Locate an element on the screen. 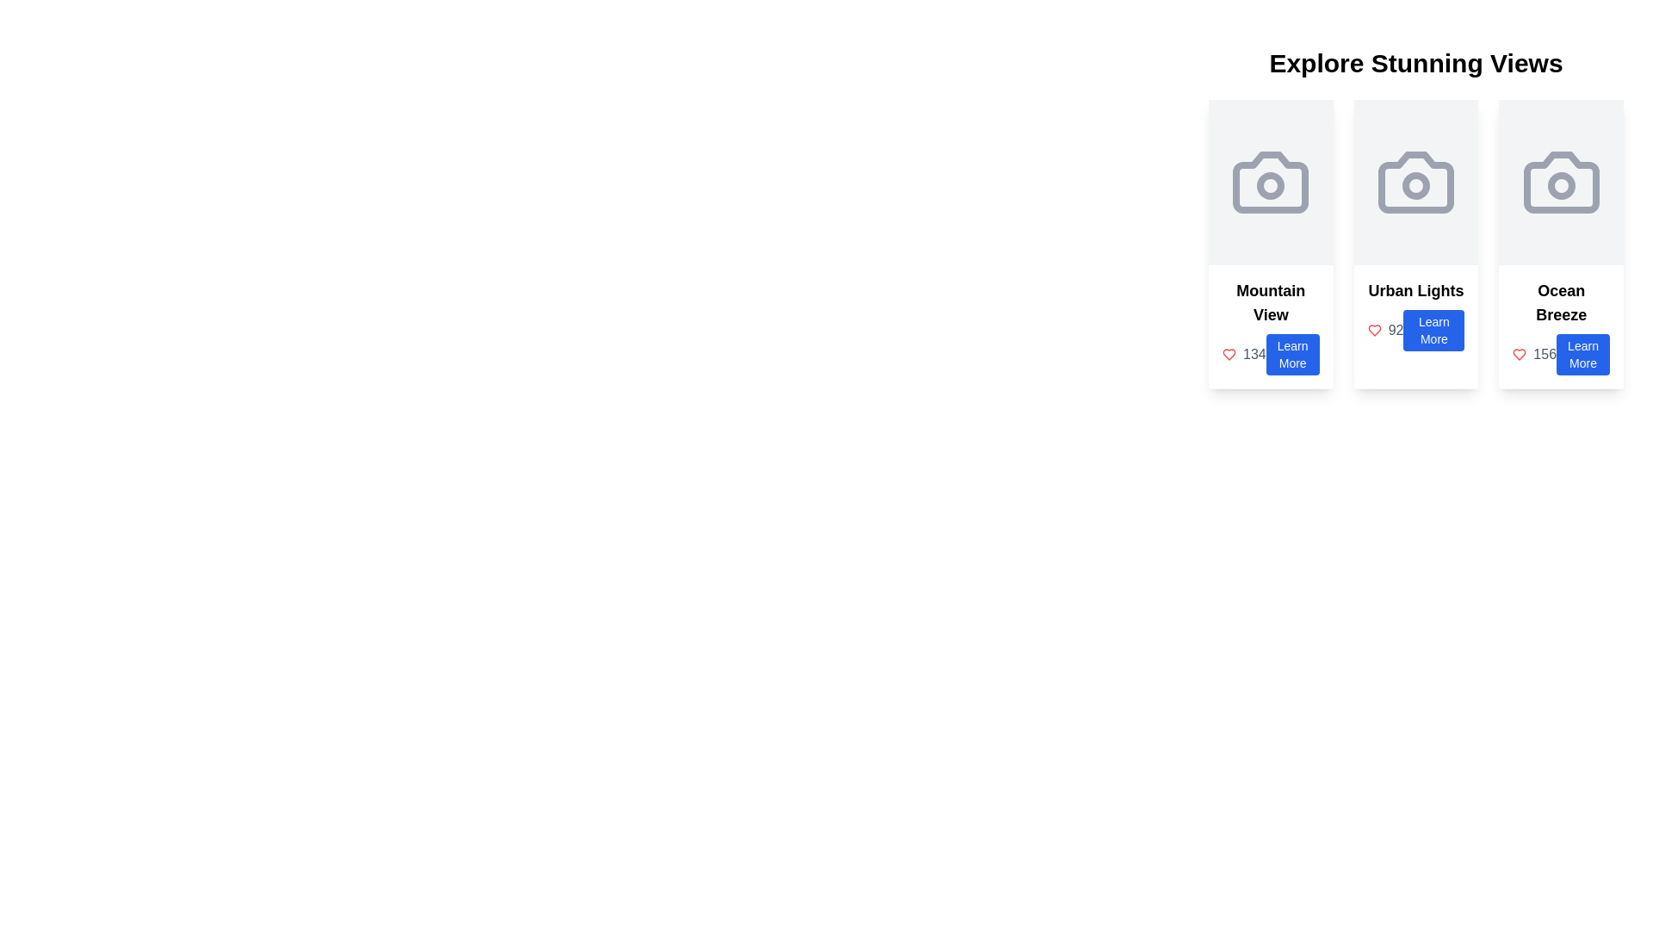 The width and height of the screenshot is (1653, 930). the camera icon representing photography in the 'Urban Lights' card, located at the topmost part of the middle card in a three-card layout is located at coordinates (1416, 183).